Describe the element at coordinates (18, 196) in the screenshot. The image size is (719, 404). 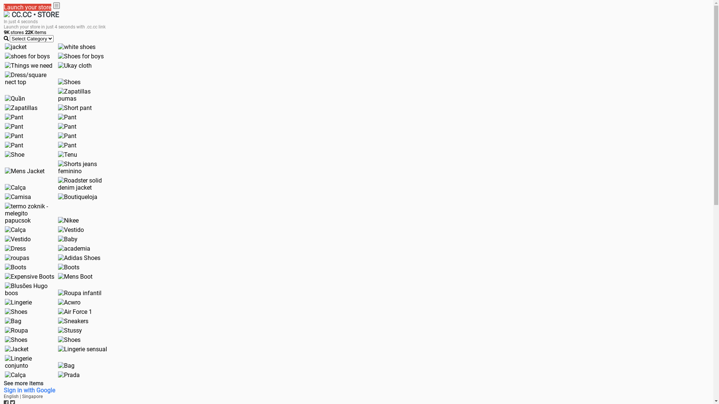
I see `'Camisa'` at that location.